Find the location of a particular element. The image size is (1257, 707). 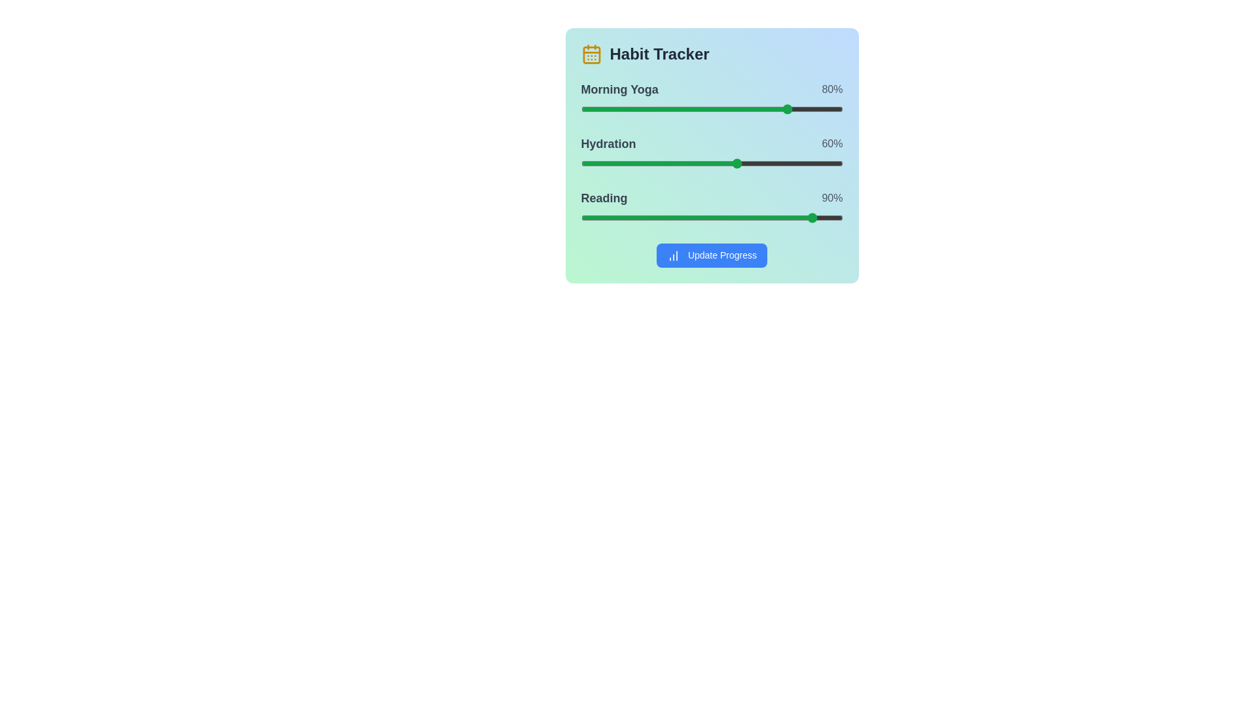

'Update Progress' button to update the habit progress is located at coordinates (711, 255).